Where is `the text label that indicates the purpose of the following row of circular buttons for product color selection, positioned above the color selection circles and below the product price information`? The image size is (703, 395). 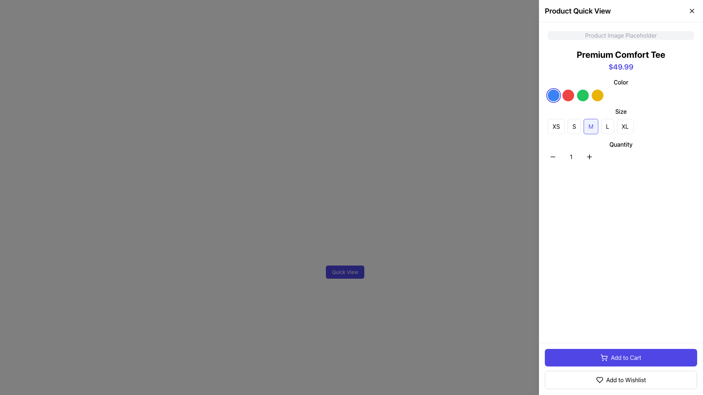
the text label that indicates the purpose of the following row of circular buttons for product color selection, positioned above the color selection circles and below the product price information is located at coordinates (620, 82).